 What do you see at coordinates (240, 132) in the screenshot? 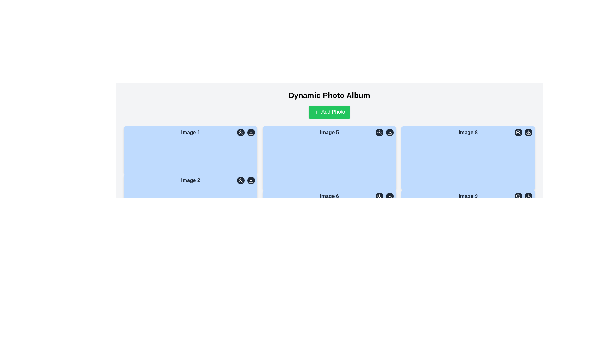
I see `the magnifying glass icon button located in the top-right corner of the first image block labeled 'Image 1' to zoom in on the associated image` at bounding box center [240, 132].